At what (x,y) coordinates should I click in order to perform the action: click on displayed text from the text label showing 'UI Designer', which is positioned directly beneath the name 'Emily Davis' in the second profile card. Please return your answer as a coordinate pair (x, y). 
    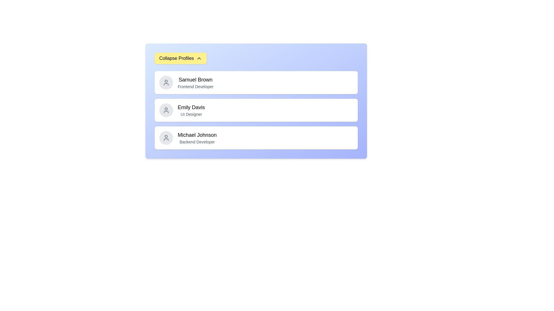
    Looking at the image, I should click on (191, 114).